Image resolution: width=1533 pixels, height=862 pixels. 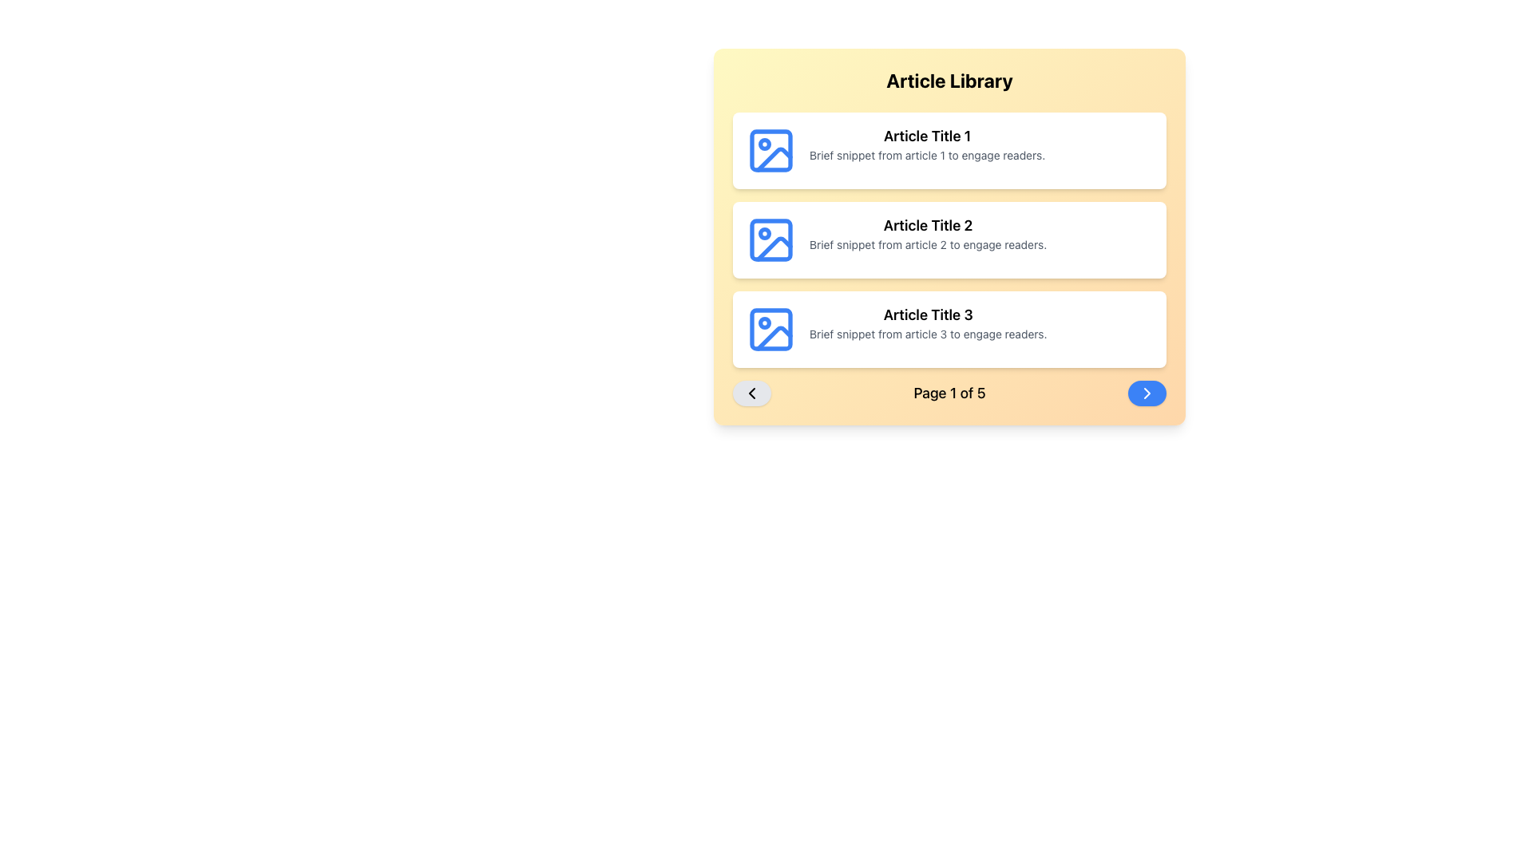 What do you see at coordinates (949, 393) in the screenshot?
I see `the Text Display that shows the current page number in the pagination system at the bottom of the 'Article Library' section` at bounding box center [949, 393].